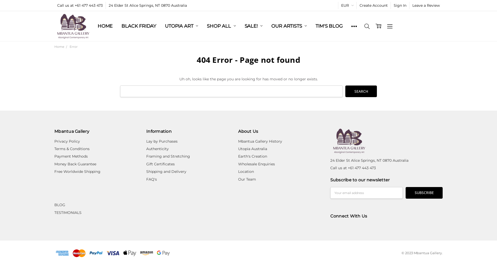 The image size is (497, 279). What do you see at coordinates (54, 156) in the screenshot?
I see `'Payment Methods'` at bounding box center [54, 156].